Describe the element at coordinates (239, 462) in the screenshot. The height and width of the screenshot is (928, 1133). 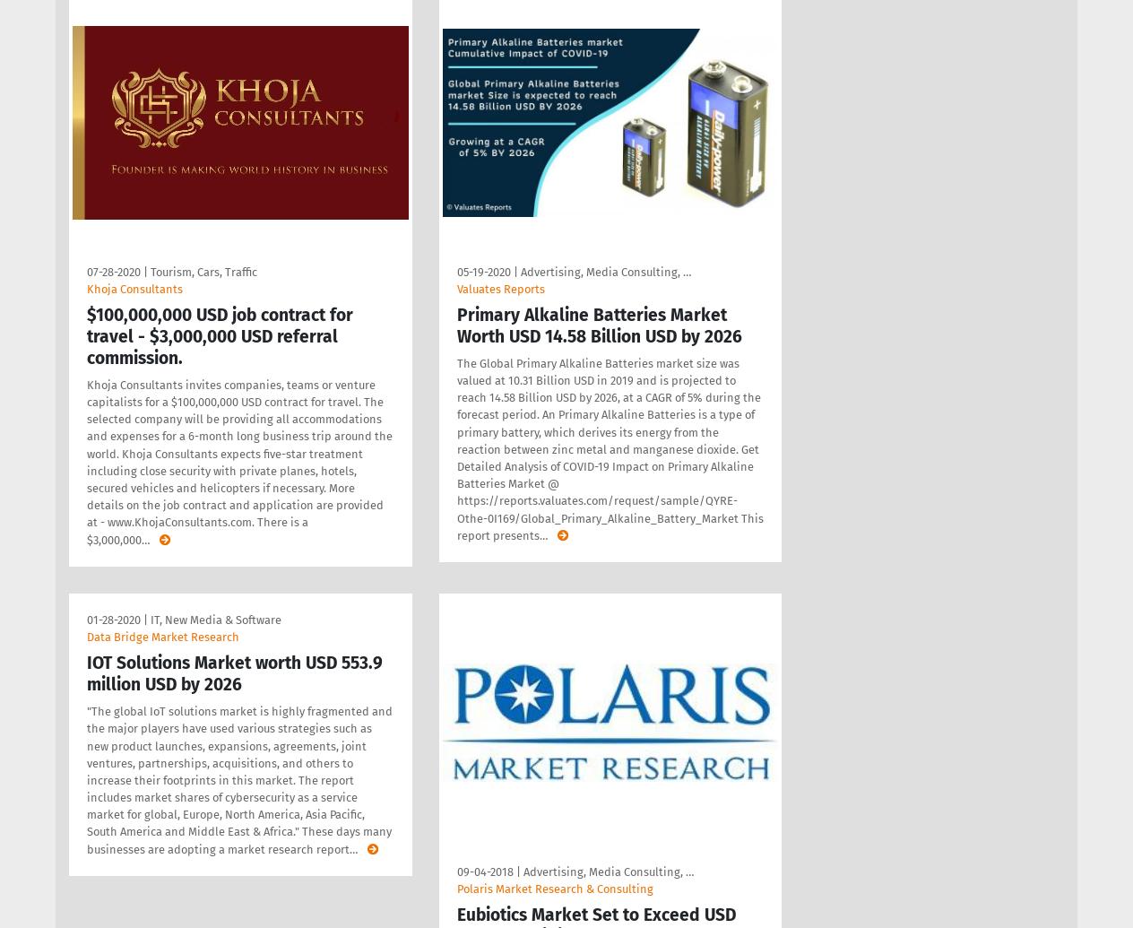
I see `'Khoja Consultants invites companies, teams or venture capitalists for a $100,000,000 USD contract for travel. The selected company will be providing all accommodations and expenses for a 6-month long business trip around the world. Khoja Consultants expects five-star treatment including close security with private planes, hotels, secured vehicles and helicopters if necessary.  More details on the job contract and application are provided at -  www.KhojaConsultants.com.

There is a $3,000,000'` at that location.